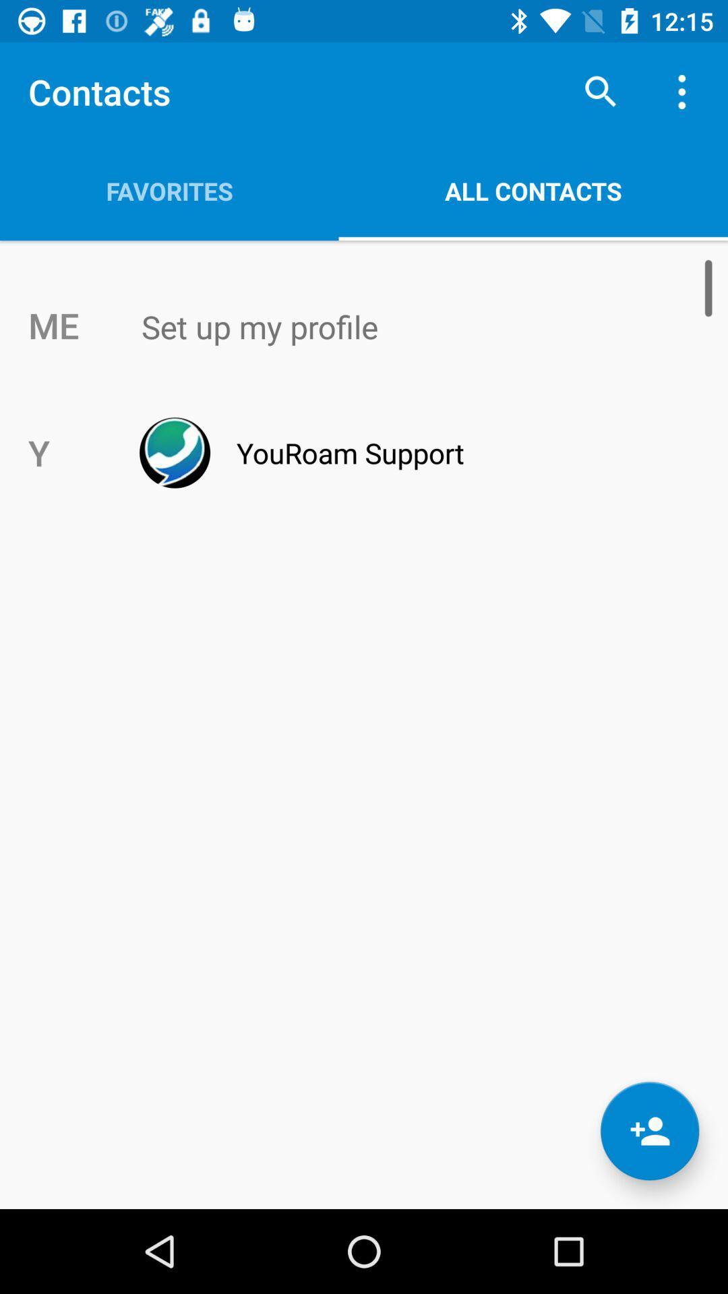  Describe the element at coordinates (600, 91) in the screenshot. I see `the icon next to the favorites item` at that location.